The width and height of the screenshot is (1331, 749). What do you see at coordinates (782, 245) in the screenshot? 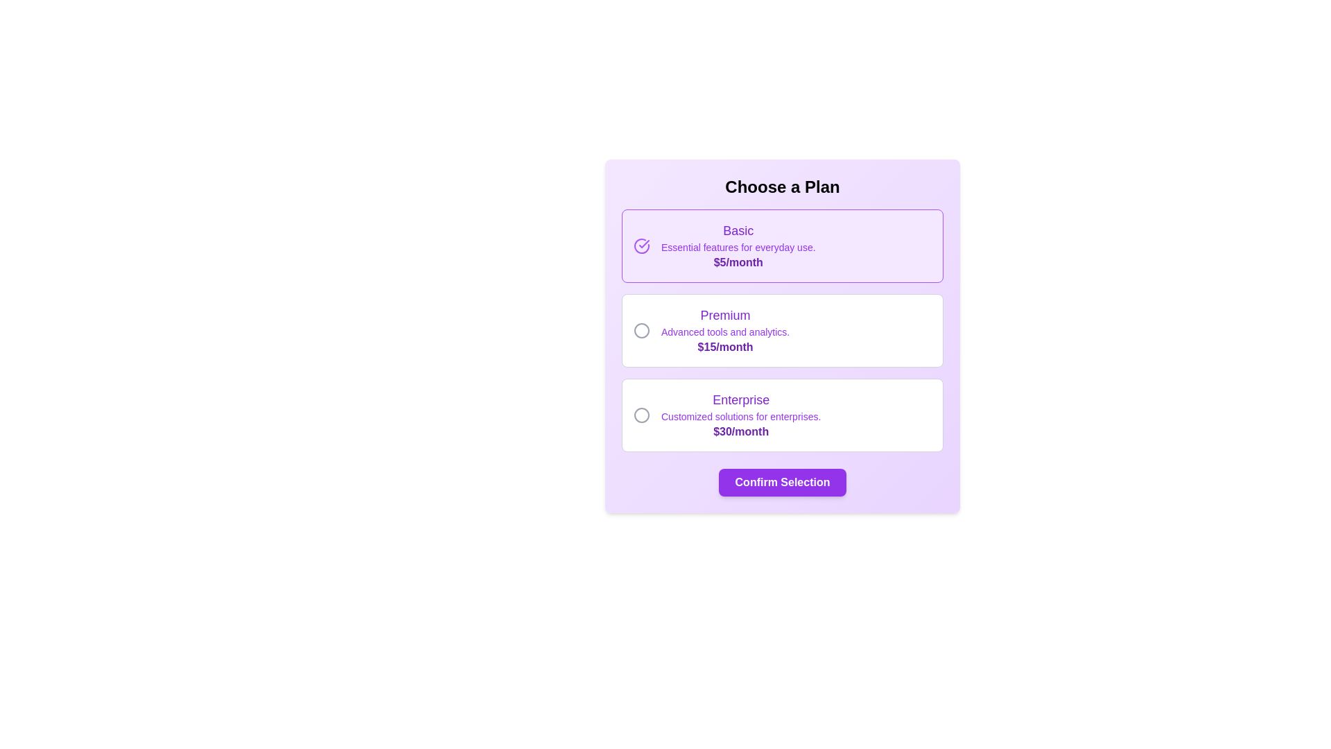
I see `to select the 'Basic' pricing plan option from the vertical list of pricing options, which is the first choice in the list` at bounding box center [782, 245].